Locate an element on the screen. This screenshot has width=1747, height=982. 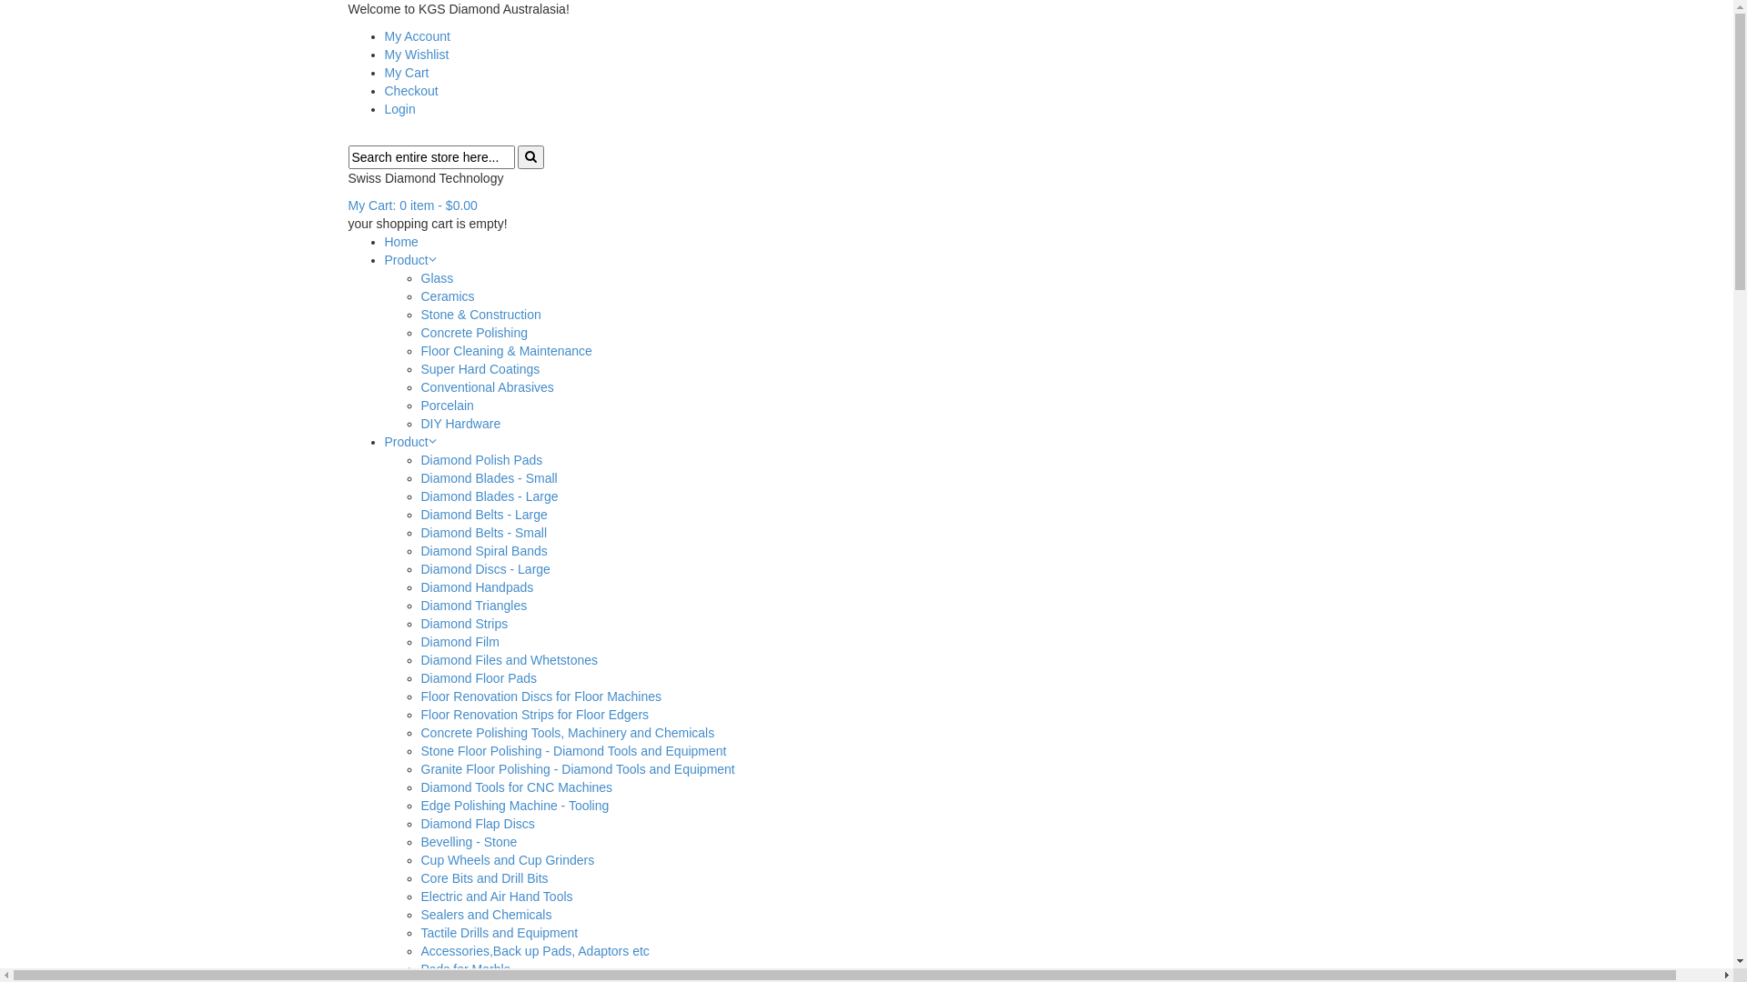
'Diamond Belts - Small' is located at coordinates (483, 532).